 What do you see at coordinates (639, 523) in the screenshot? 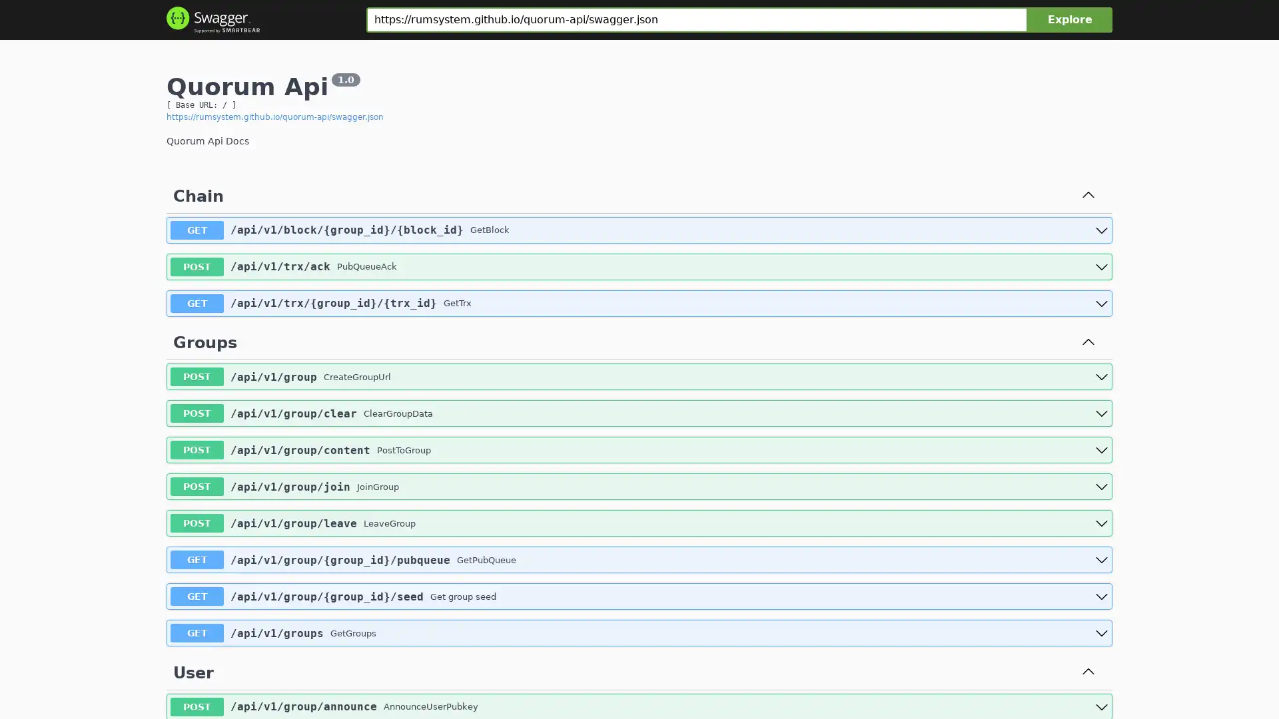
I see `post /api/v1/group/leave` at bounding box center [639, 523].